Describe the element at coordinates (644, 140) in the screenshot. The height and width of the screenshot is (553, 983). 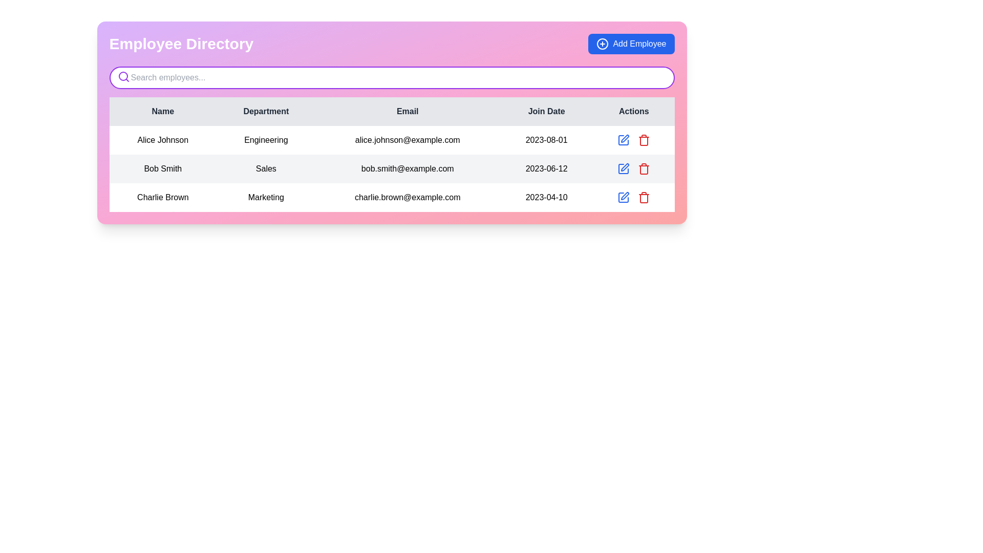
I see `the delete button in the 'Actions' column corresponding to 'Bob Smith' to change its color to a darker red` at that location.